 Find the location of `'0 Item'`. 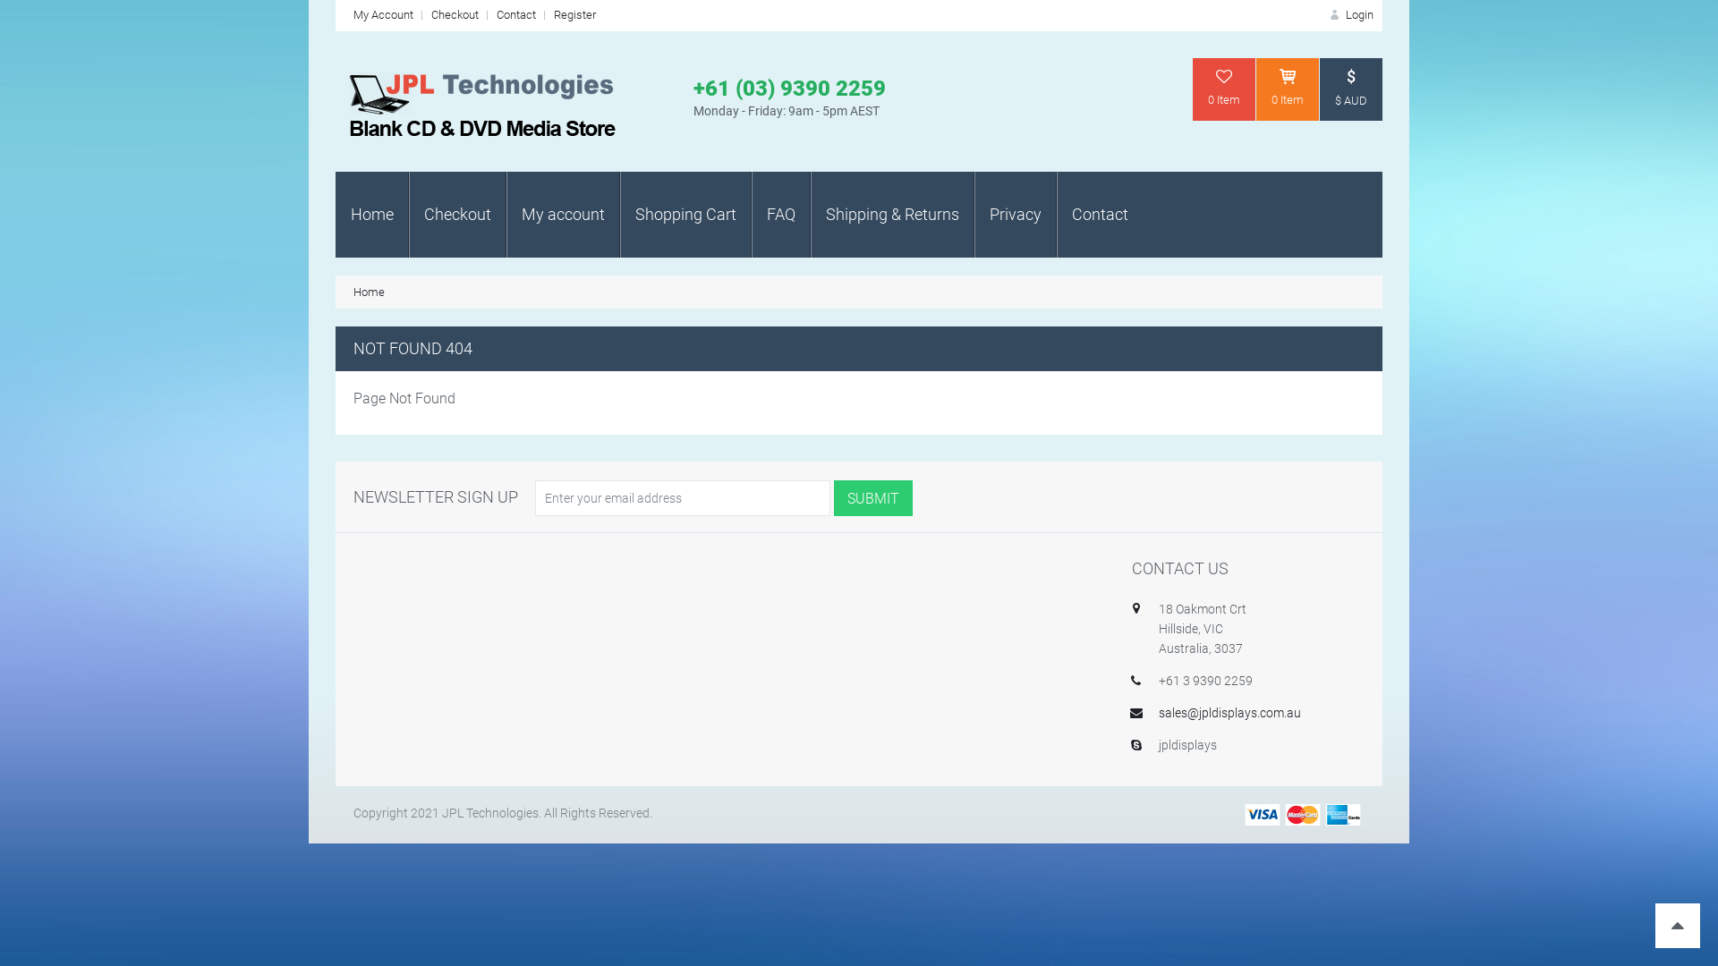

'0 Item' is located at coordinates (1193, 89).